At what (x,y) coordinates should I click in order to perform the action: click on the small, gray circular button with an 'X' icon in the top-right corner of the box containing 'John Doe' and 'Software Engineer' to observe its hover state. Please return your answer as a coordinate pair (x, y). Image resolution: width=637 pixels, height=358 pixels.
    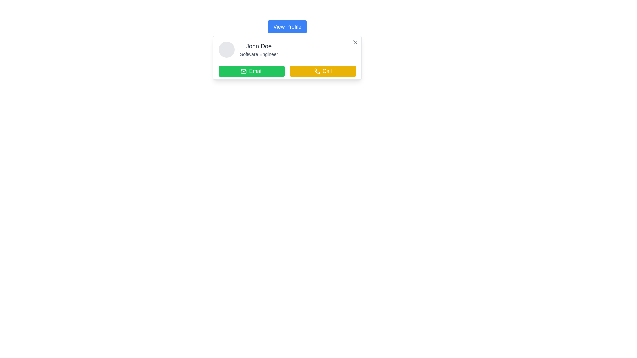
    Looking at the image, I should click on (355, 42).